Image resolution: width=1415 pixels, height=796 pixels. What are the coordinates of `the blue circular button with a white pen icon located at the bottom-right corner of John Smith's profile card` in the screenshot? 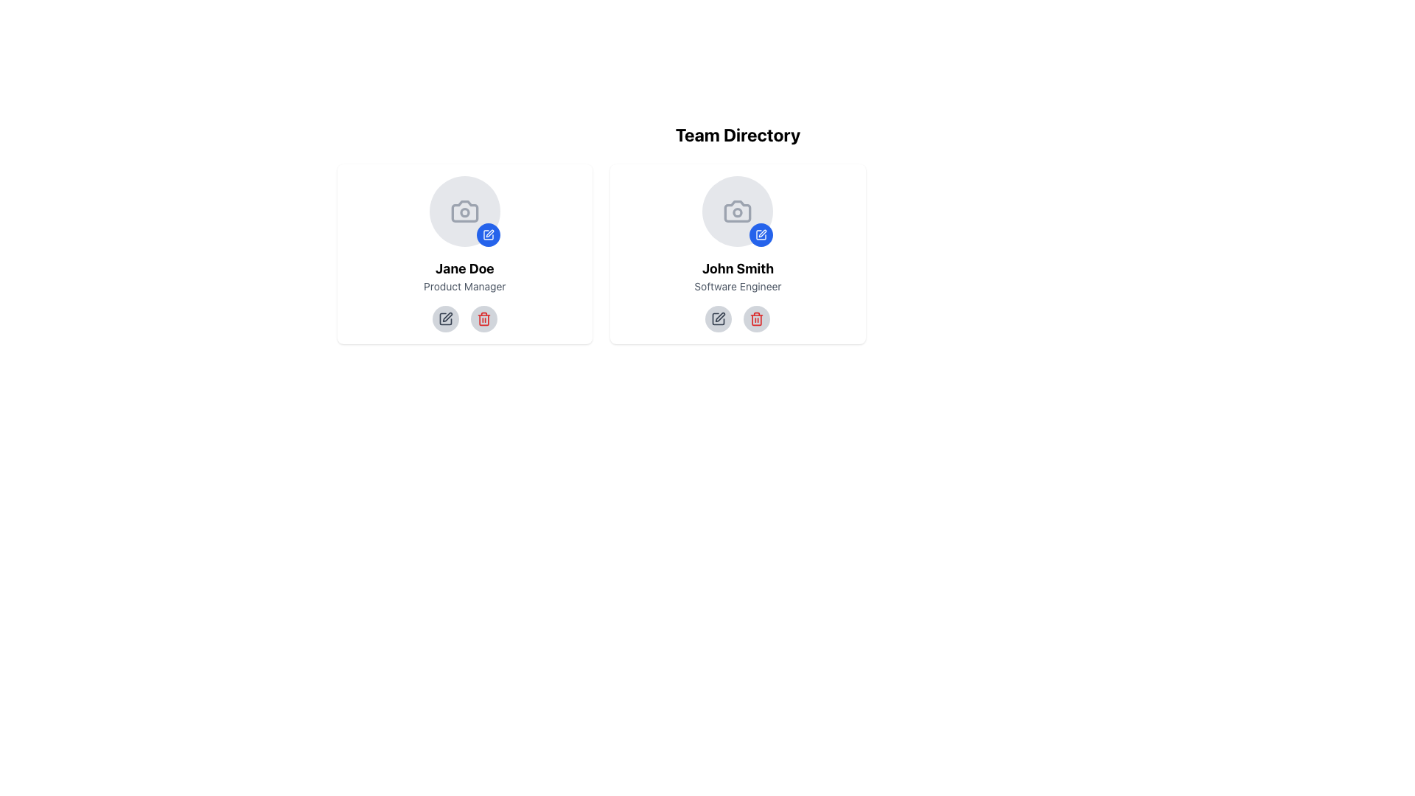 It's located at (761, 234).